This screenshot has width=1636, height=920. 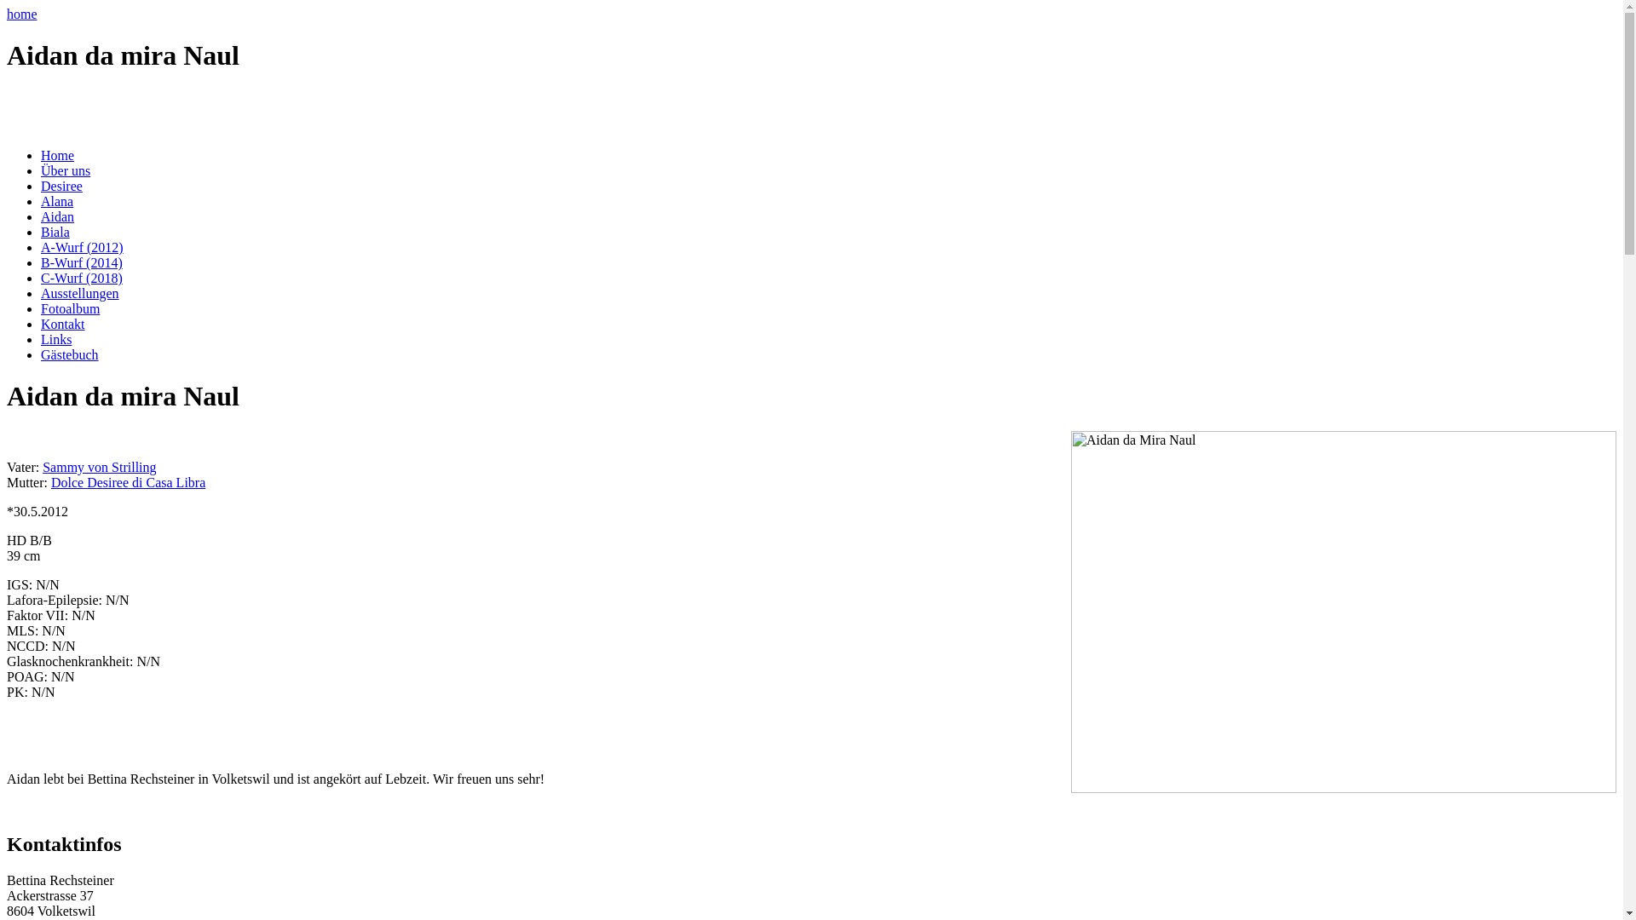 What do you see at coordinates (57, 216) in the screenshot?
I see `'Aidan'` at bounding box center [57, 216].